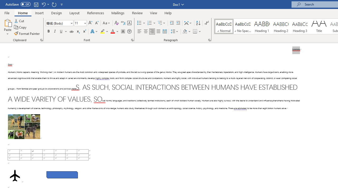 The image size is (338, 190). Describe the element at coordinates (158, 31) in the screenshot. I see `'Justify'` at that location.